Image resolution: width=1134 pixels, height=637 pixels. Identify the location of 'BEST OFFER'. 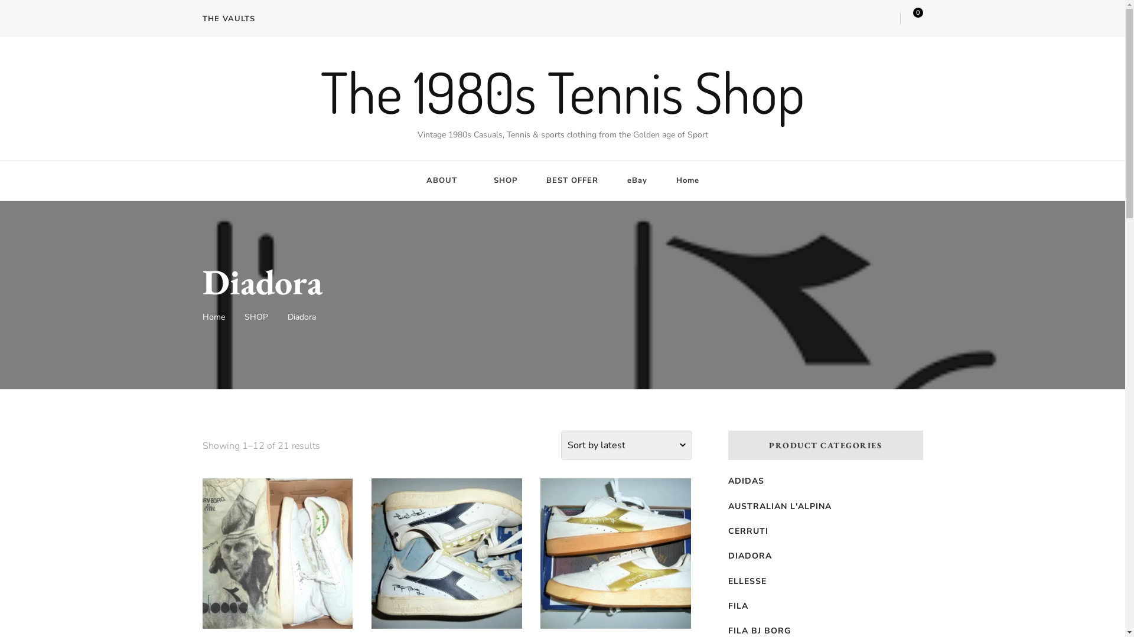
(572, 180).